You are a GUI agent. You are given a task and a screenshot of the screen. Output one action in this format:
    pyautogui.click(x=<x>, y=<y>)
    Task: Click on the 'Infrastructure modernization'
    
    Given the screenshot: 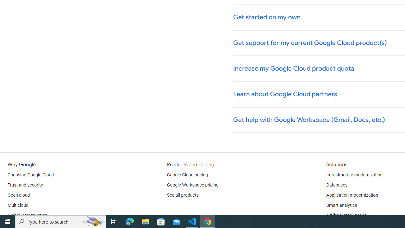 What is the action you would take?
    pyautogui.click(x=354, y=175)
    